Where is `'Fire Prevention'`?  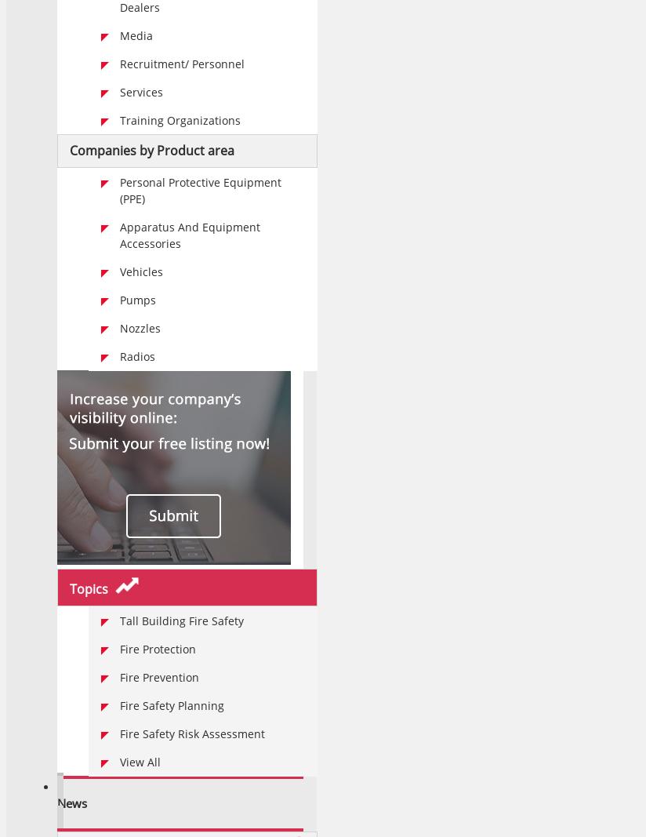
'Fire Prevention' is located at coordinates (159, 676).